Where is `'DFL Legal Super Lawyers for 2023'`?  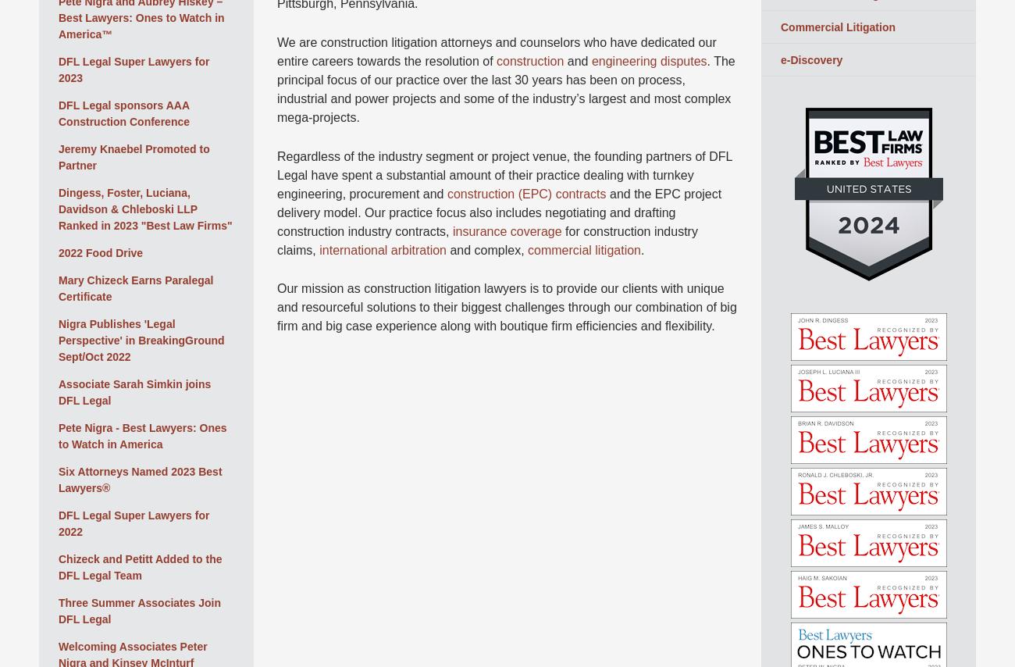
'DFL Legal Super Lawyers for 2023' is located at coordinates (134, 69).